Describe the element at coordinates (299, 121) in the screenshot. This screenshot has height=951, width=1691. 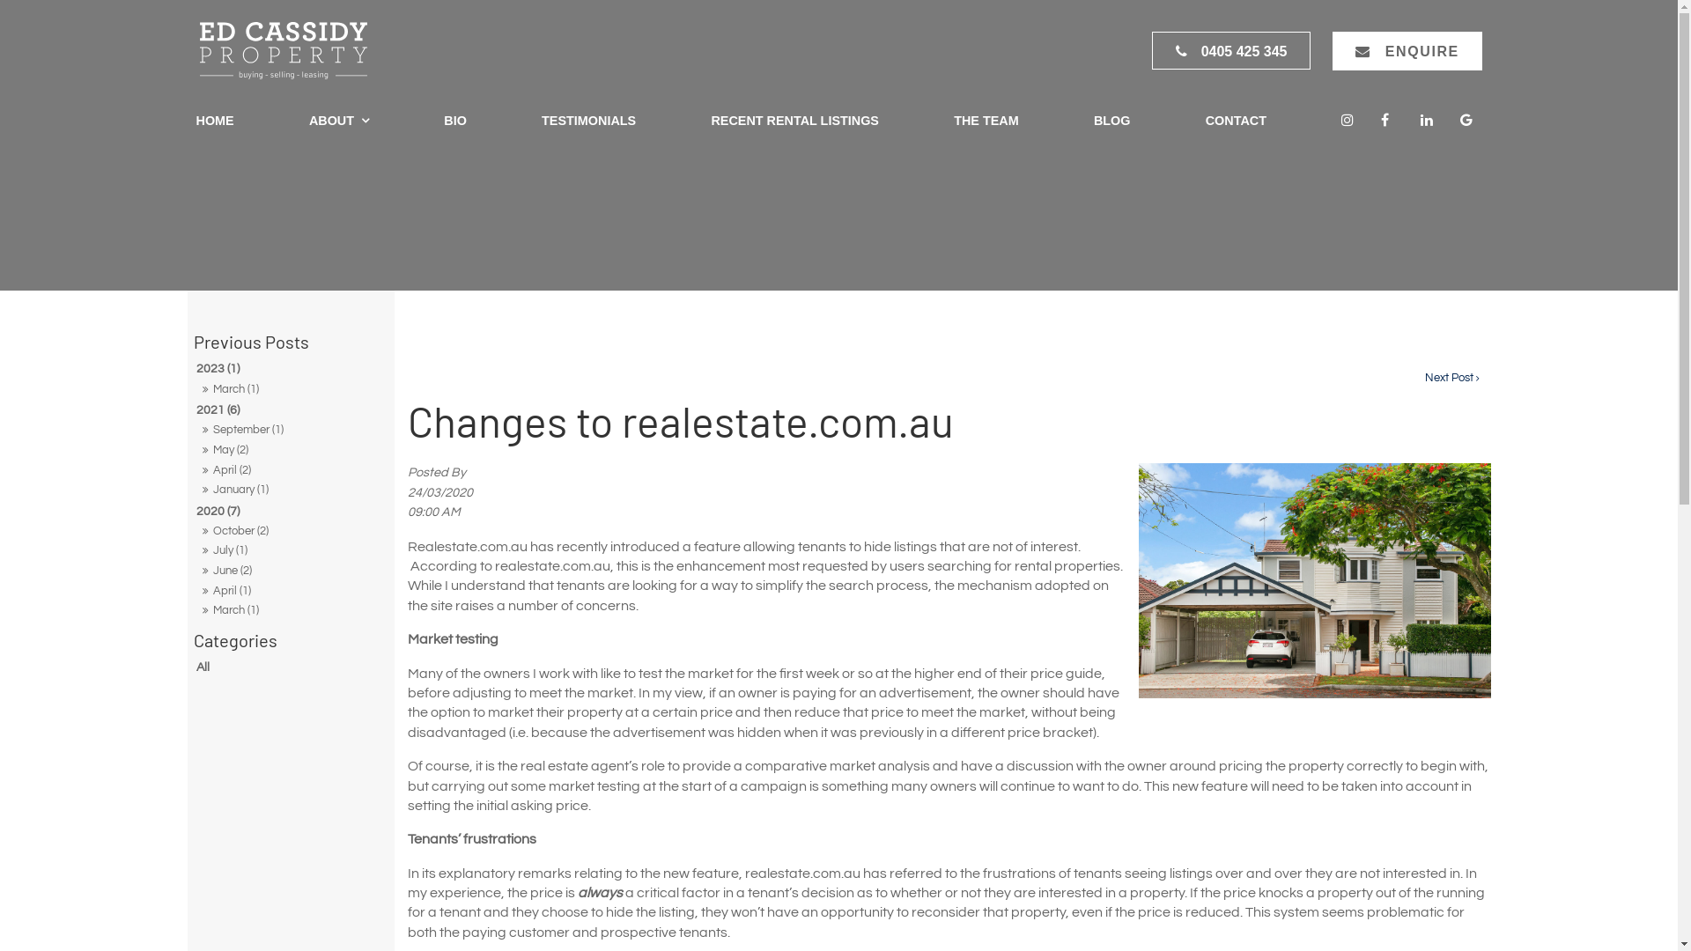
I see `'ABOUT'` at that location.